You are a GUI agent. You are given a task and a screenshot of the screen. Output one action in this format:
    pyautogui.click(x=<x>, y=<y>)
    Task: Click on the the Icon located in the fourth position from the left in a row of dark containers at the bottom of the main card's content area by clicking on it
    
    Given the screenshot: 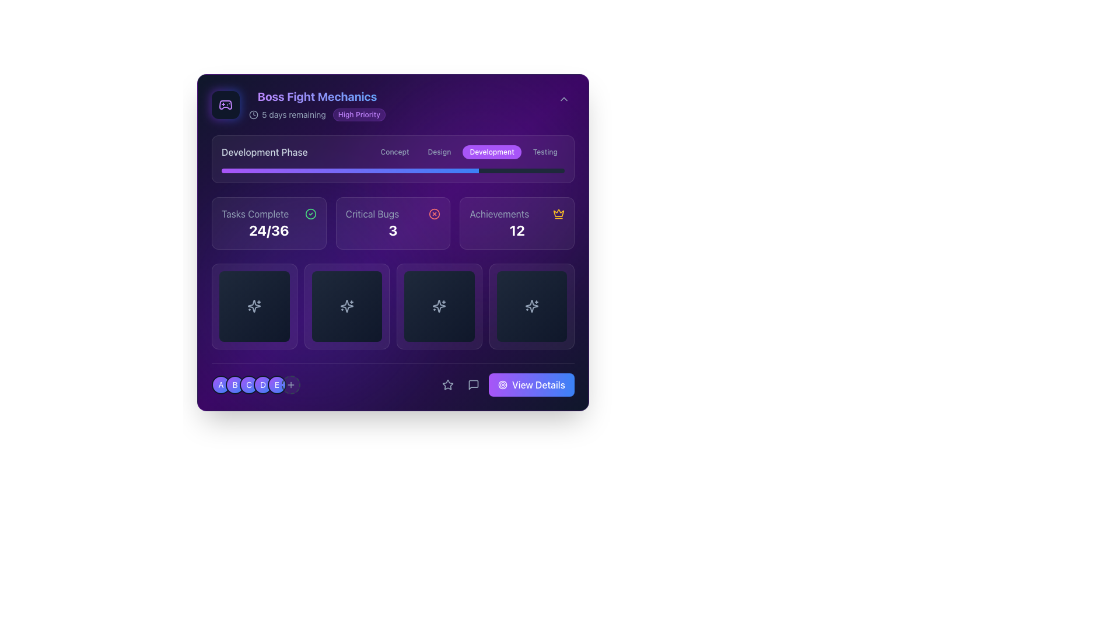 What is the action you would take?
    pyautogui.click(x=531, y=306)
    